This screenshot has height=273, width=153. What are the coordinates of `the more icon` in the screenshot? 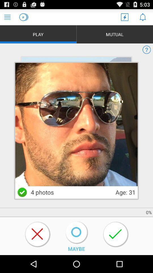 It's located at (28, 185).